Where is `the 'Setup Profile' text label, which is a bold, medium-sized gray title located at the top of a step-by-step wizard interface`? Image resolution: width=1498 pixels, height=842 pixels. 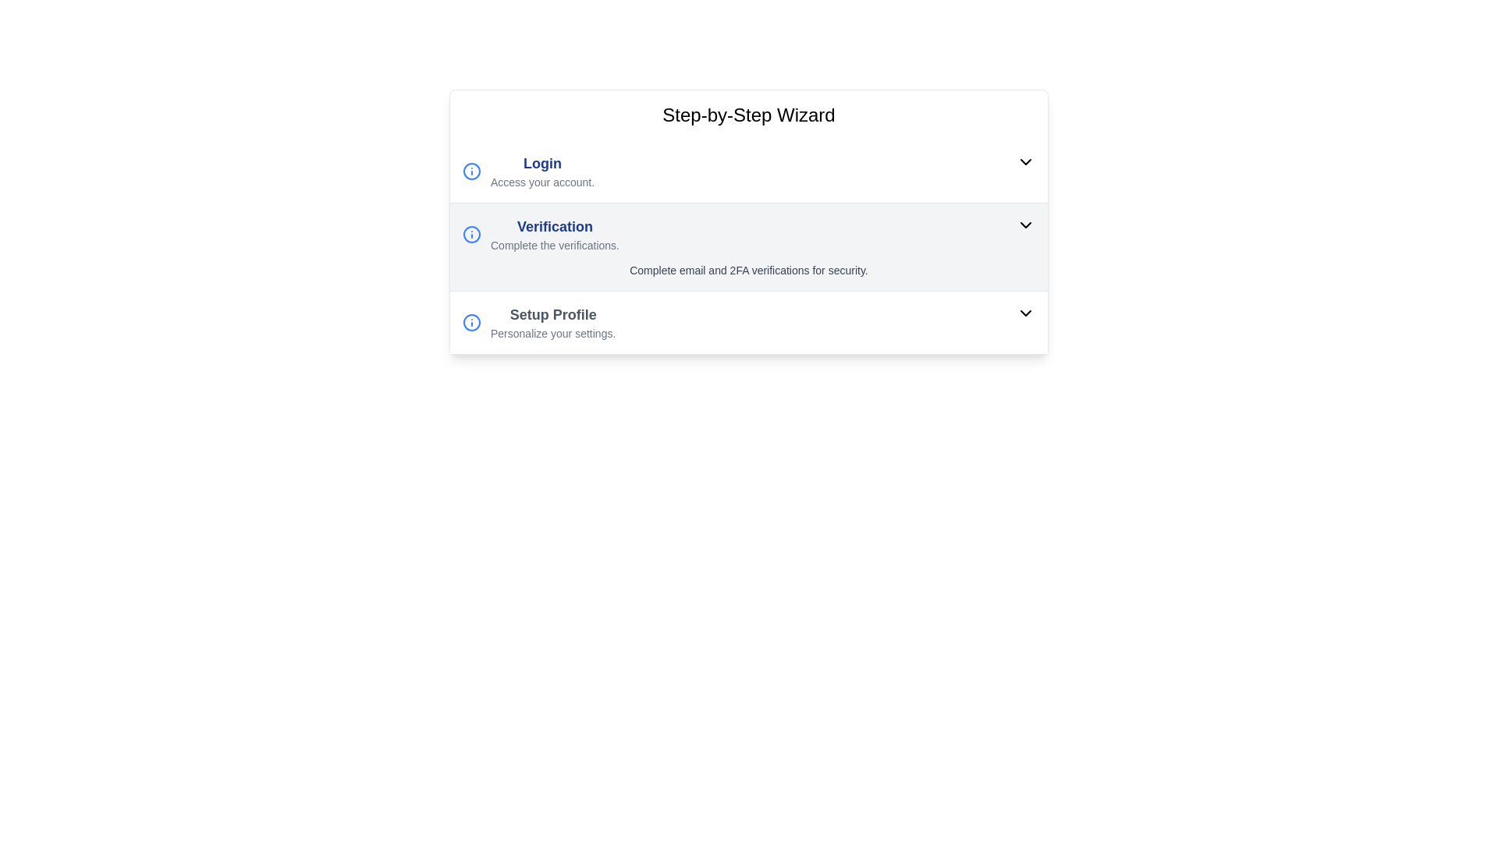
the 'Setup Profile' text label, which is a bold, medium-sized gray title located at the top of a step-by-step wizard interface is located at coordinates (553, 315).